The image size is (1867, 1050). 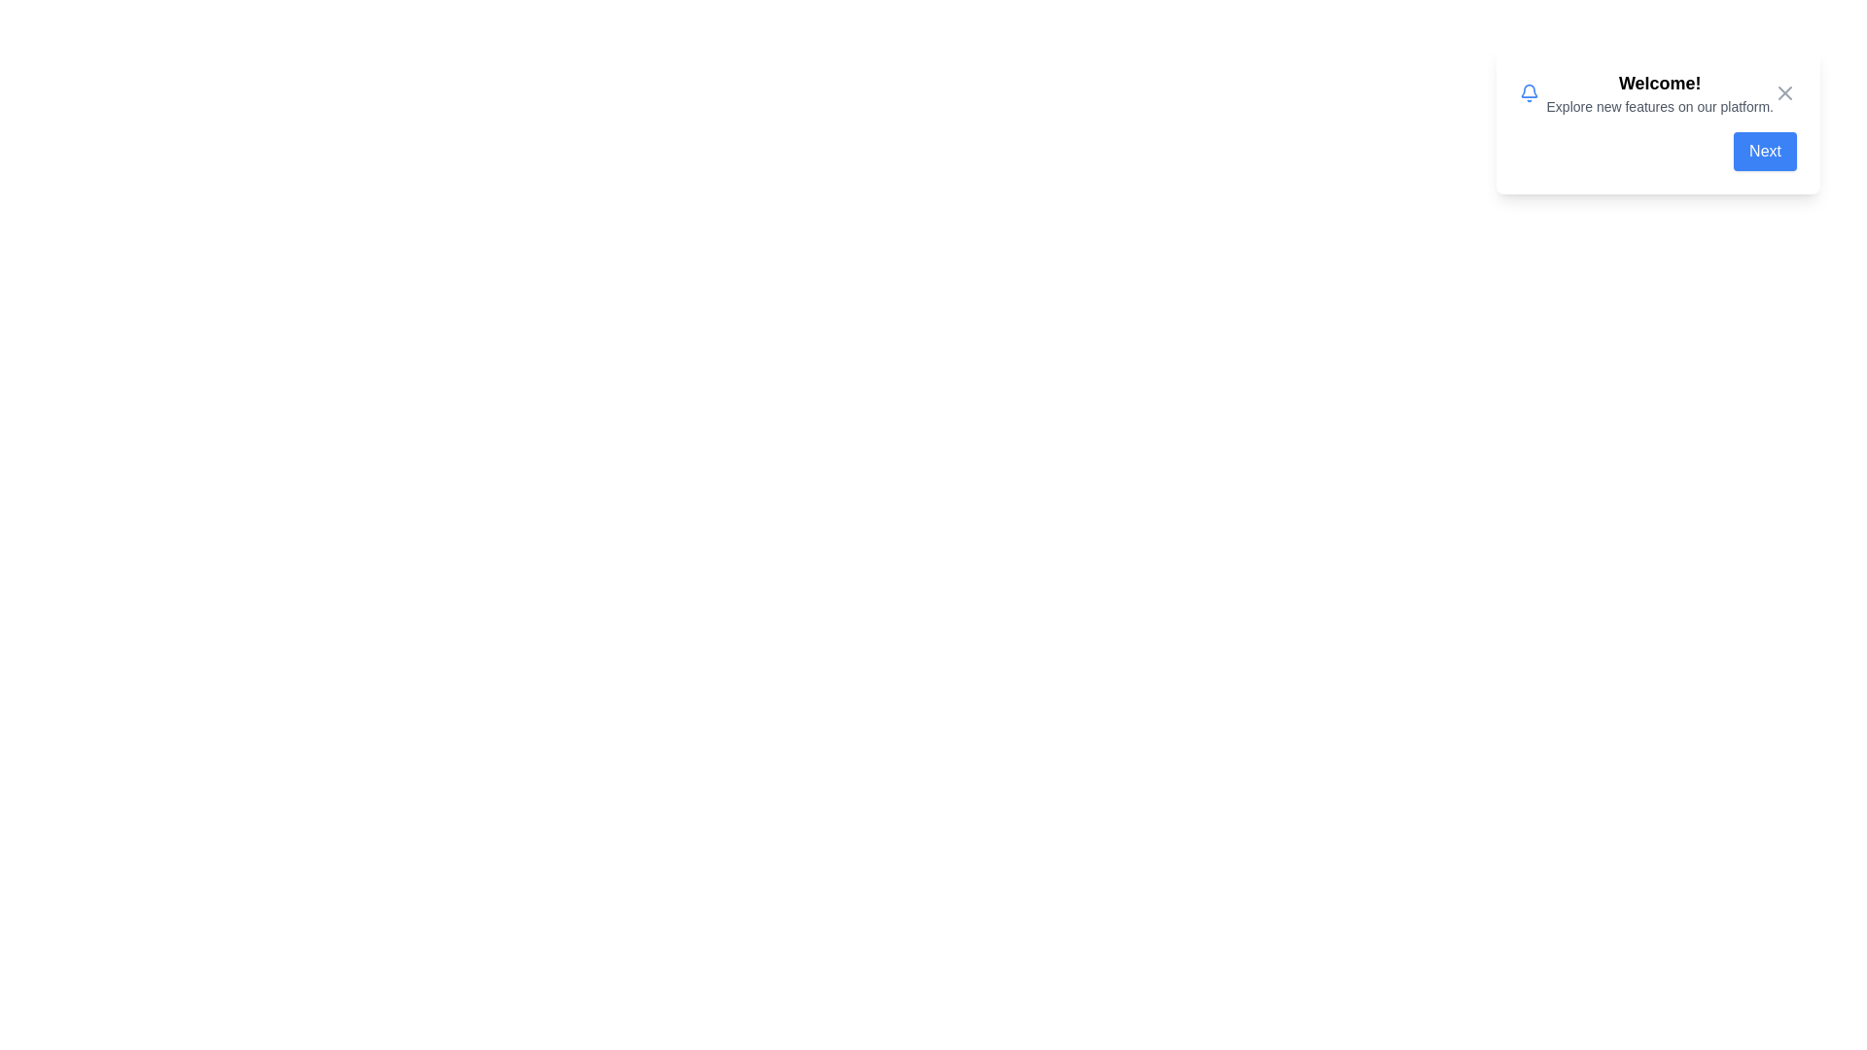 I want to click on the close button to dismiss the notification, so click(x=1785, y=93).